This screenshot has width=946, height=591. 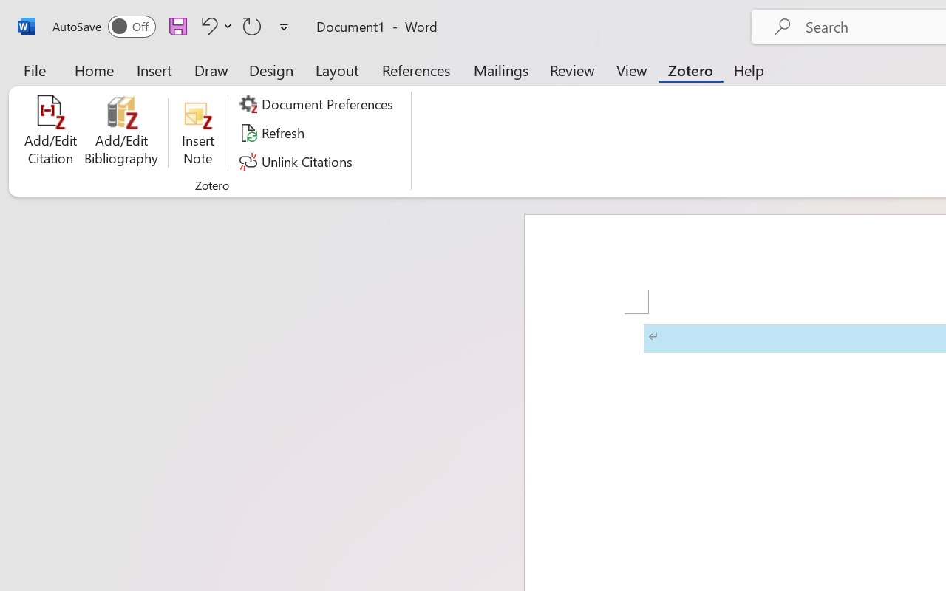 I want to click on 'Undo Apply Quick Style', so click(x=214, y=25).